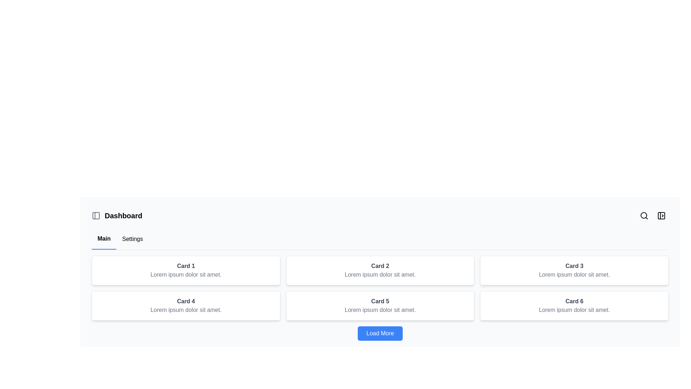 This screenshot has width=691, height=389. Describe the element at coordinates (574, 309) in the screenshot. I see `the static text located at the bottom of 'Card 6' in the second row of the grid layout` at that location.